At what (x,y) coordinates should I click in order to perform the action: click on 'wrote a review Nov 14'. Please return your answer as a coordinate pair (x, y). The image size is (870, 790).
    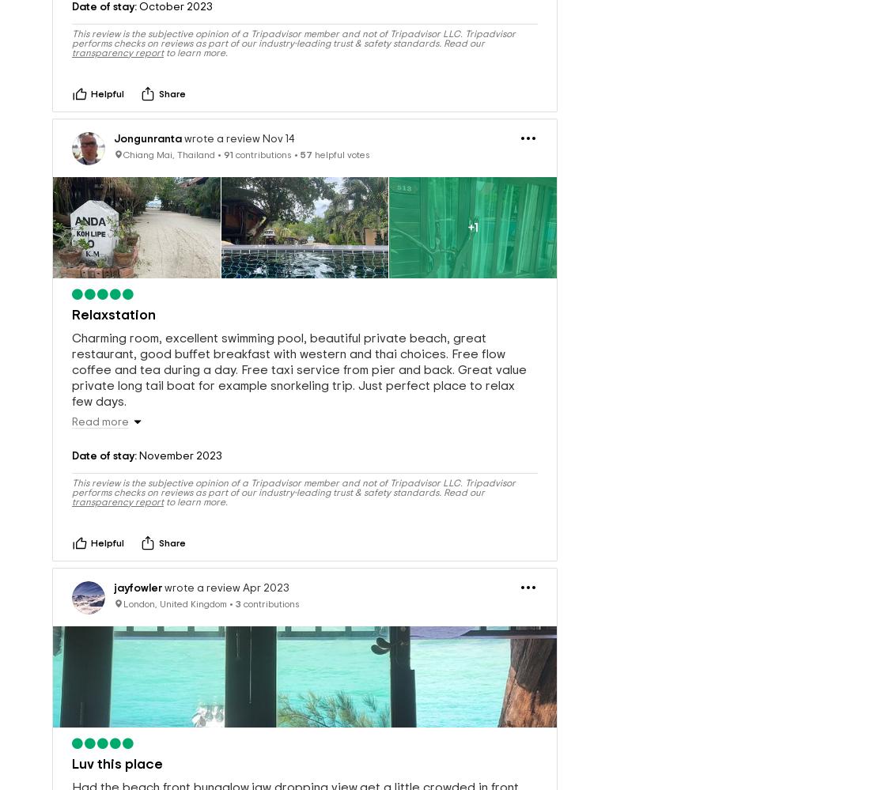
    Looking at the image, I should click on (182, 112).